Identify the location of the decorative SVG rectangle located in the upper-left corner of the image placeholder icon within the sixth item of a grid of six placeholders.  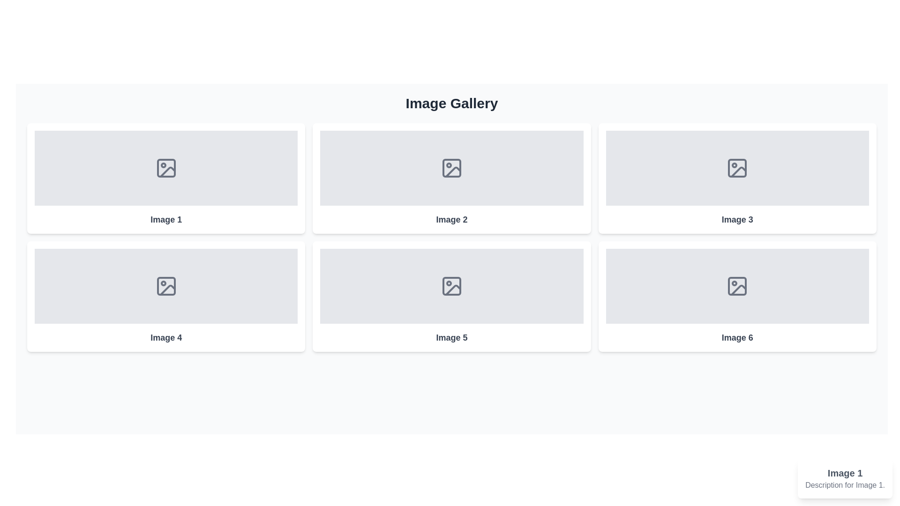
(737, 285).